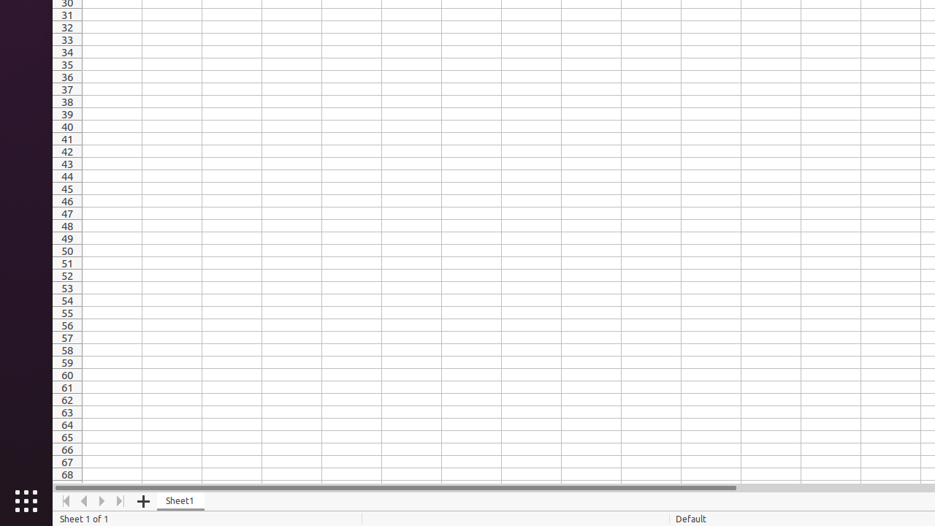  Describe the element at coordinates (102, 500) in the screenshot. I see `'Move Right'` at that location.